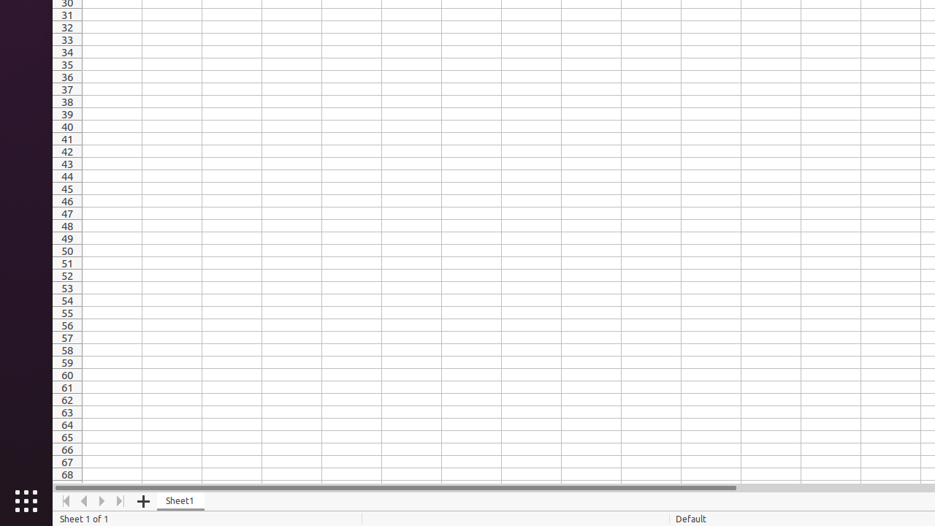  Describe the element at coordinates (102, 500) in the screenshot. I see `'Move Right'` at that location.